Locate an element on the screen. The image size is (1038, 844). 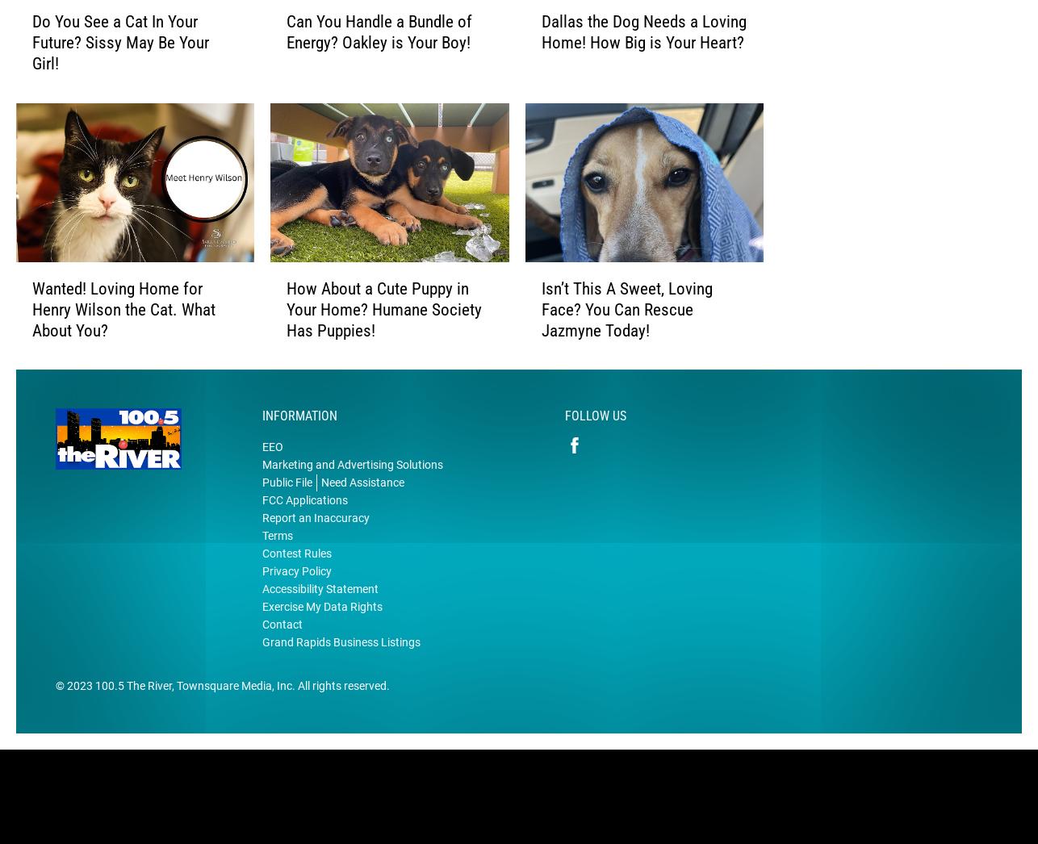
'Follow Us' is located at coordinates (596, 441).